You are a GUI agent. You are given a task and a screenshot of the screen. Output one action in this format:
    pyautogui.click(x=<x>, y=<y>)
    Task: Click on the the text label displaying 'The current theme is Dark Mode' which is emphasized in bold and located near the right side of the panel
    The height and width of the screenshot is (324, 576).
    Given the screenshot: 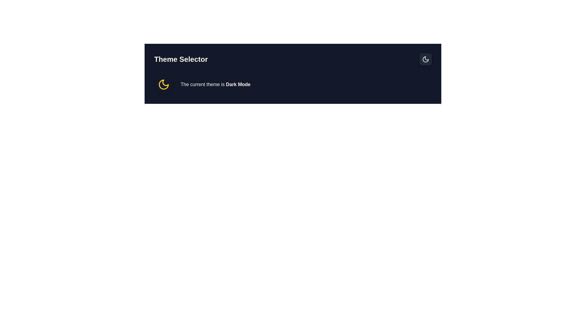 What is the action you would take?
    pyautogui.click(x=215, y=84)
    